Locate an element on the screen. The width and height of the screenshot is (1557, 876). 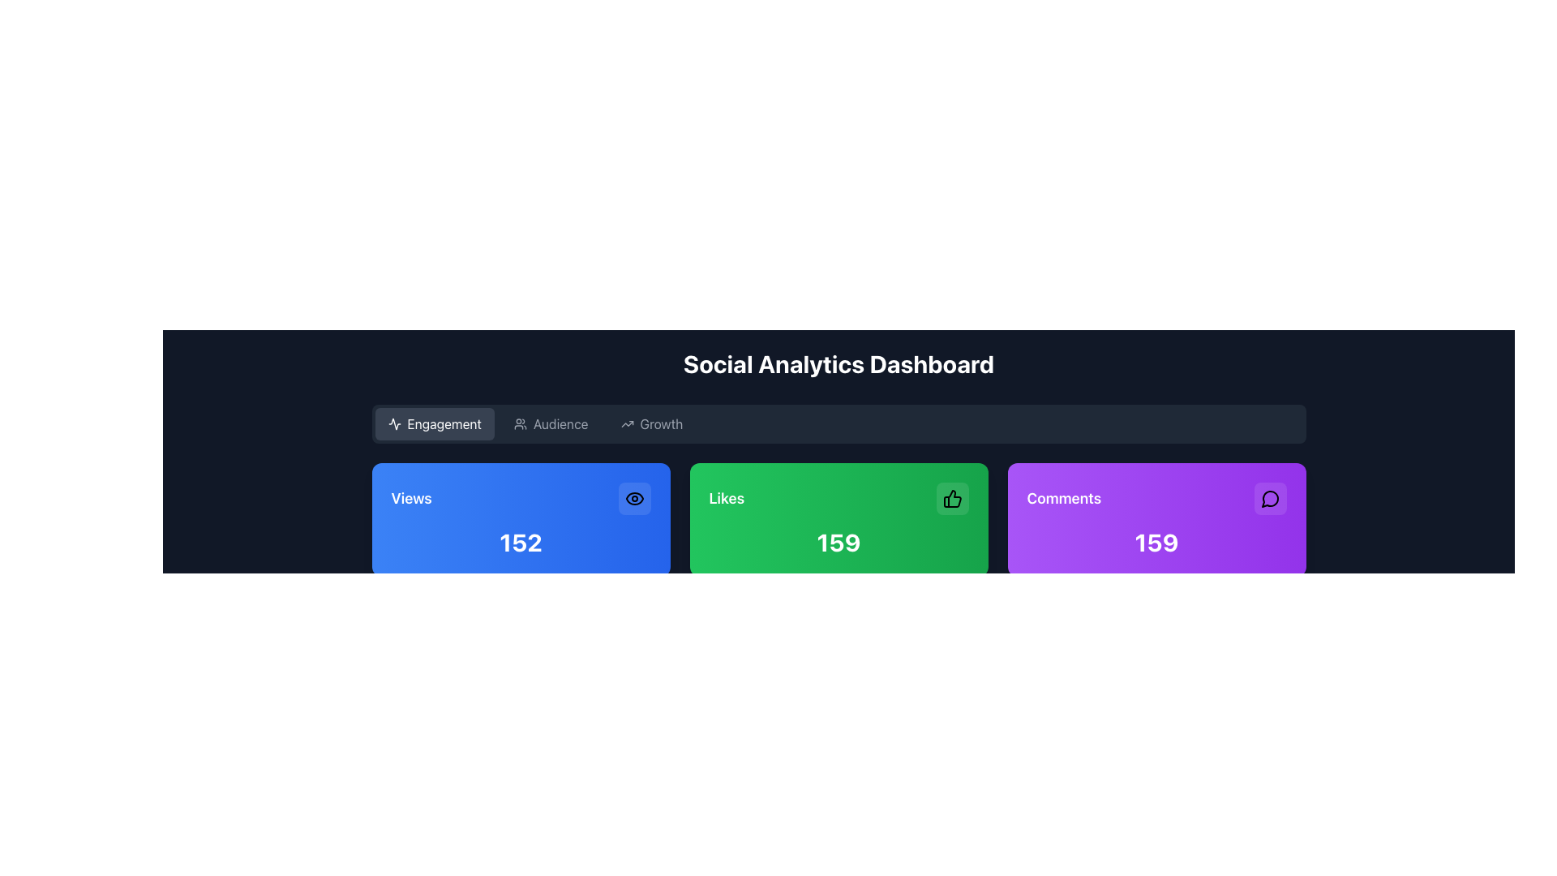
the button with text and icon positioned between the 'Engagement' and 'Growth' buttons is located at coordinates (551, 423).